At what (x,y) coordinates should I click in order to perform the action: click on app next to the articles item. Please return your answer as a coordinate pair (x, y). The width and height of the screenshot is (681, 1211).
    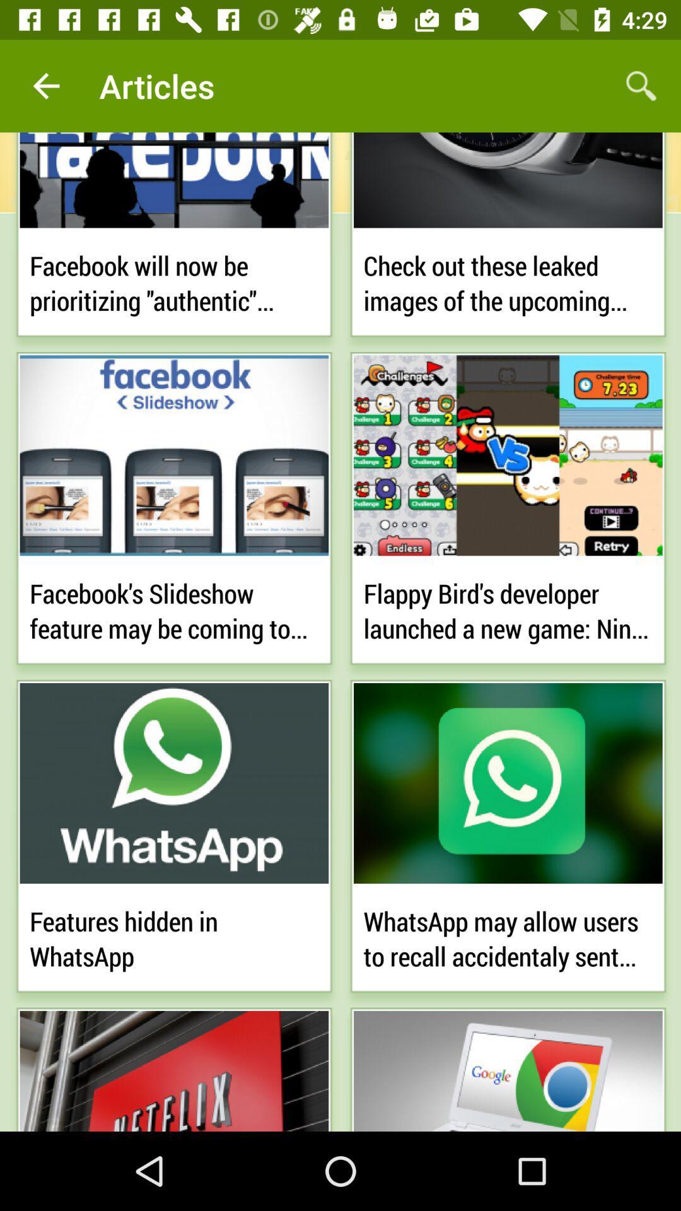
    Looking at the image, I should click on (45, 85).